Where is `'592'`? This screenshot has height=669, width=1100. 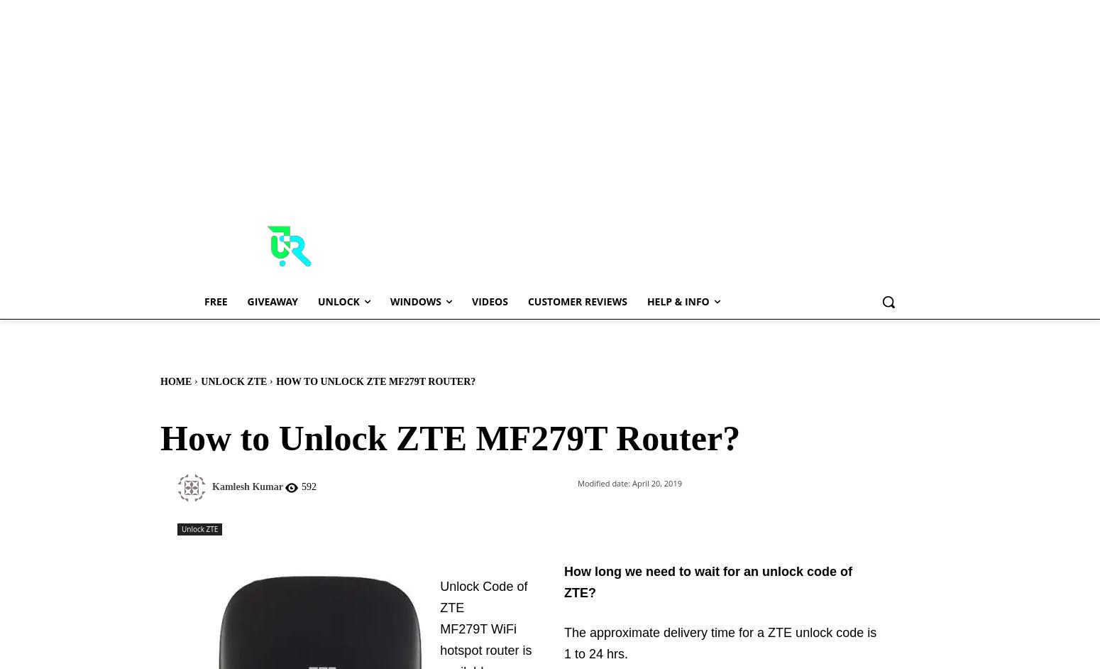
'592' is located at coordinates (308, 486).